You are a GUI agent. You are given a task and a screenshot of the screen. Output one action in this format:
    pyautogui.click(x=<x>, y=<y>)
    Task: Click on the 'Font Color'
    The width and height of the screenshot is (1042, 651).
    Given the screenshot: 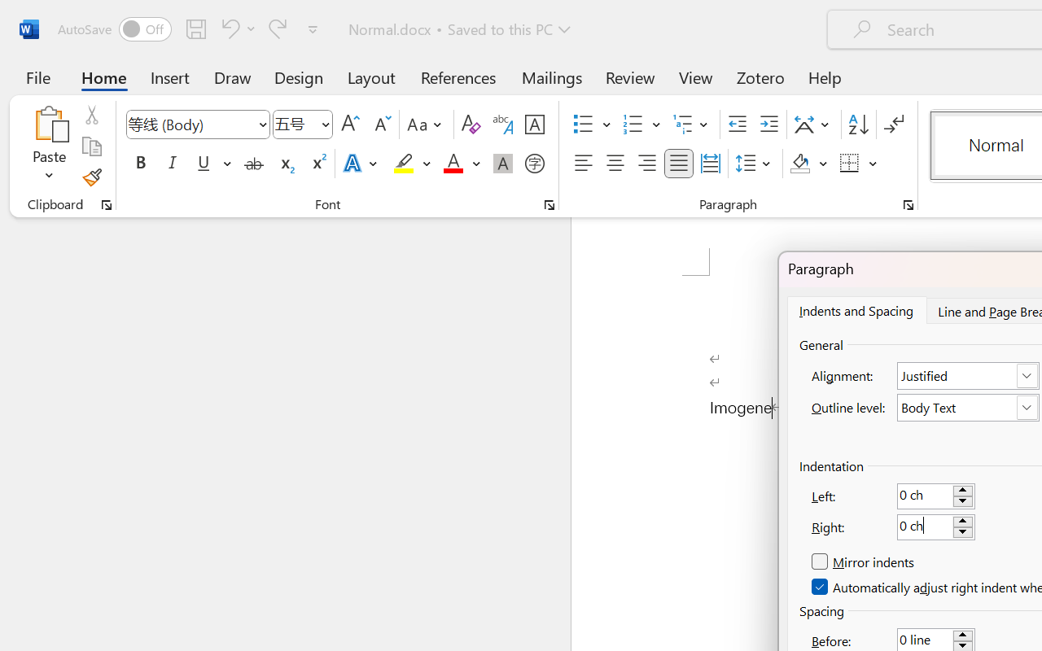 What is the action you would take?
    pyautogui.click(x=461, y=164)
    